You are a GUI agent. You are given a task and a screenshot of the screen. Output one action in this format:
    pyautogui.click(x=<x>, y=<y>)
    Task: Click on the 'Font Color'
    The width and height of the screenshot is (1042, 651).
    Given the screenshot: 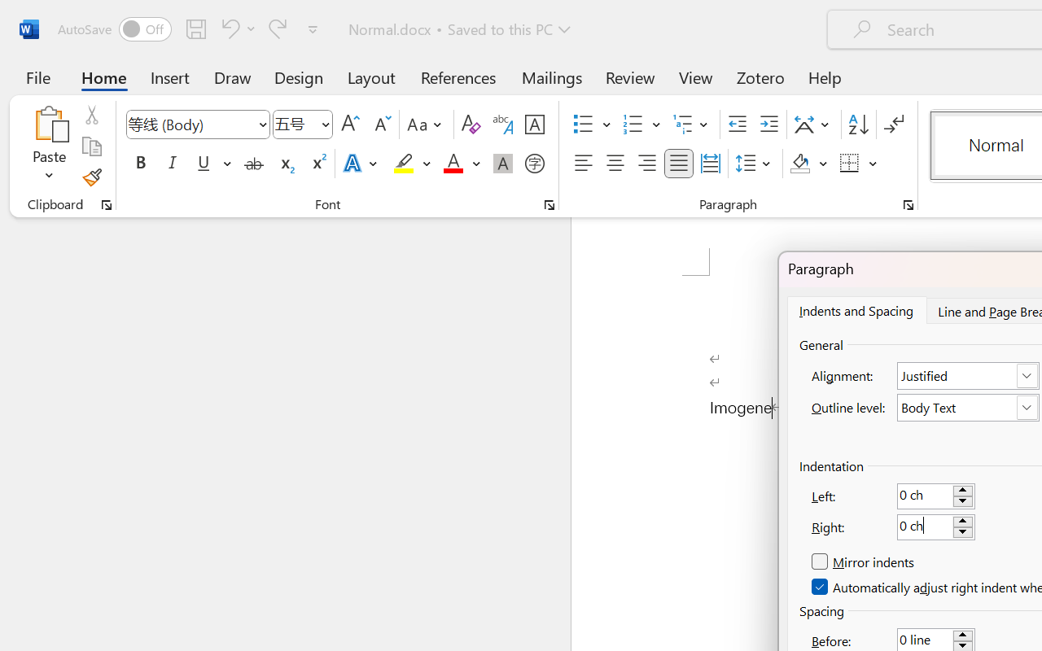 What is the action you would take?
    pyautogui.click(x=461, y=164)
    